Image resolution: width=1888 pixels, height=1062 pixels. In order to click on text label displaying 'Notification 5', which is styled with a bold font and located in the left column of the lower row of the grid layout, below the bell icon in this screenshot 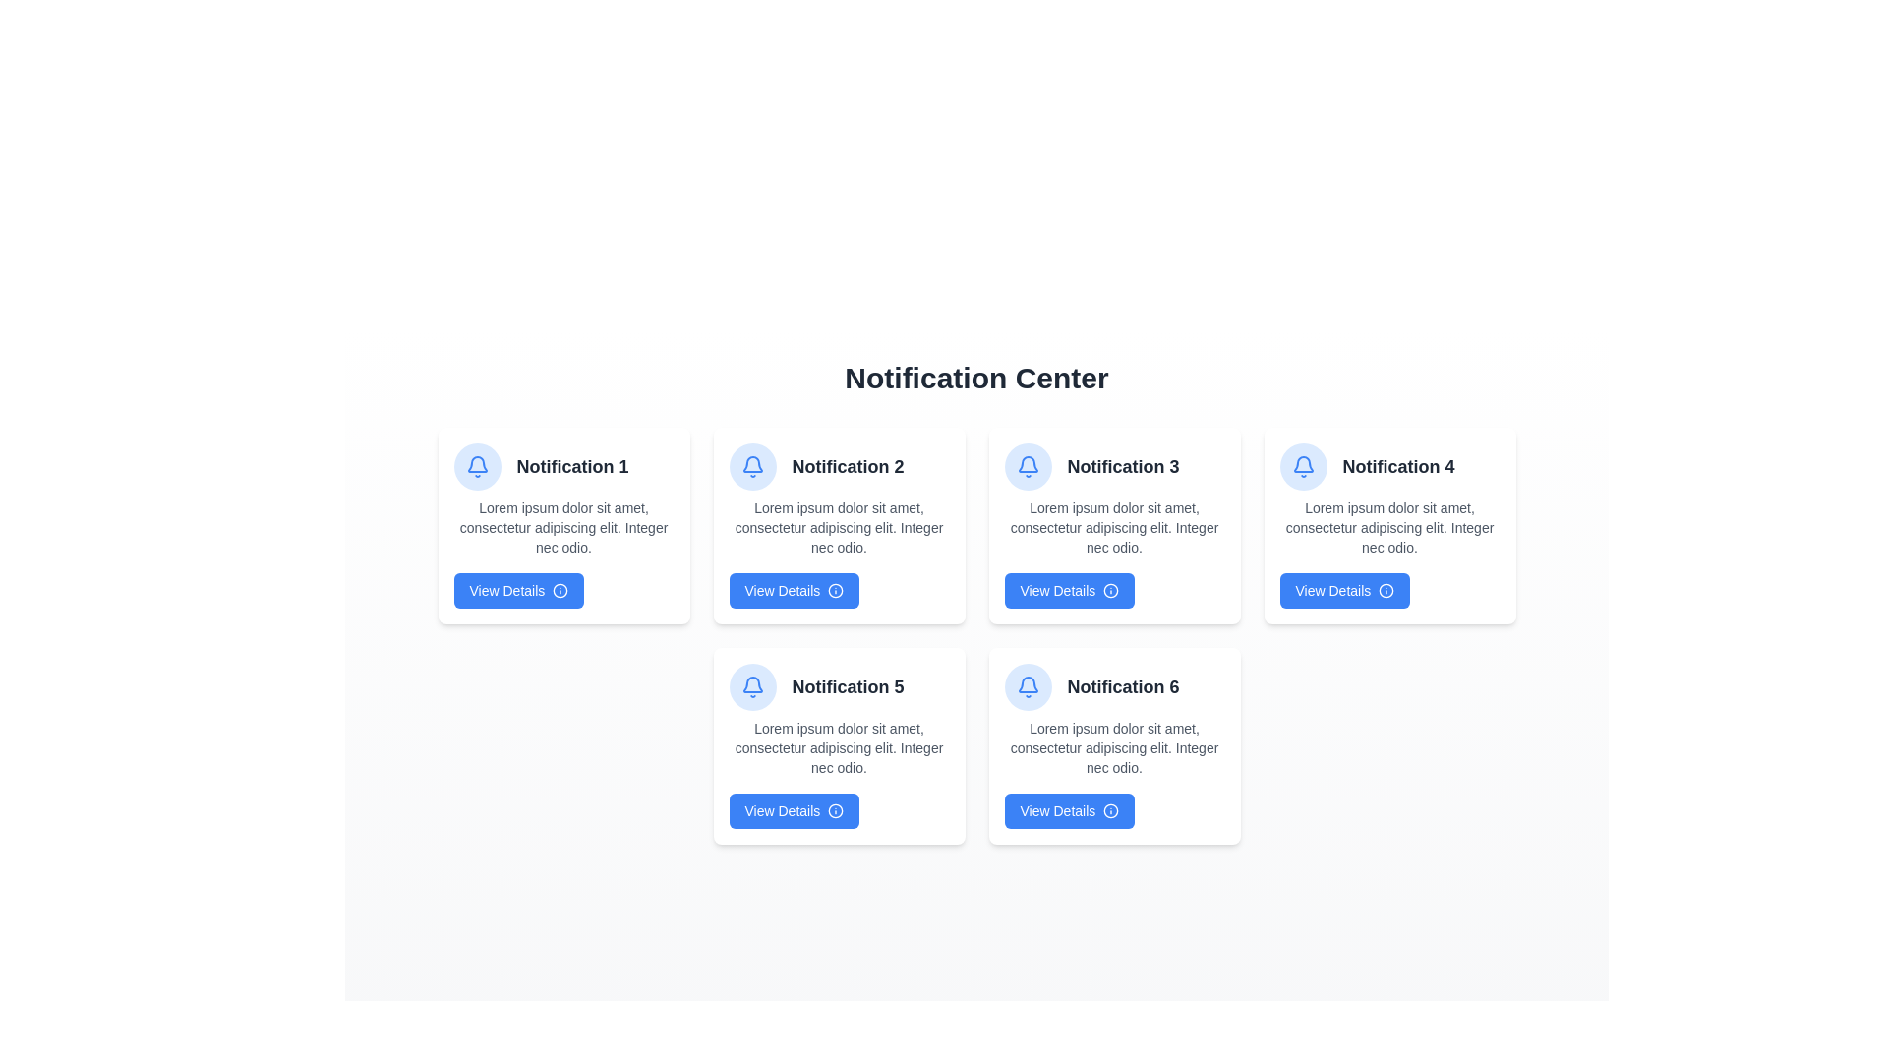, I will do `click(848, 685)`.